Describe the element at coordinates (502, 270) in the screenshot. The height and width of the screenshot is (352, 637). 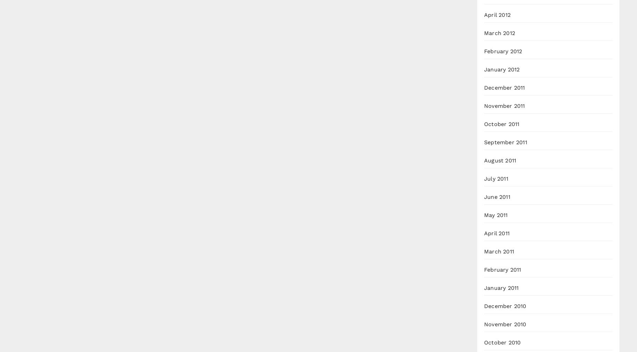
I see `'February 2011'` at that location.